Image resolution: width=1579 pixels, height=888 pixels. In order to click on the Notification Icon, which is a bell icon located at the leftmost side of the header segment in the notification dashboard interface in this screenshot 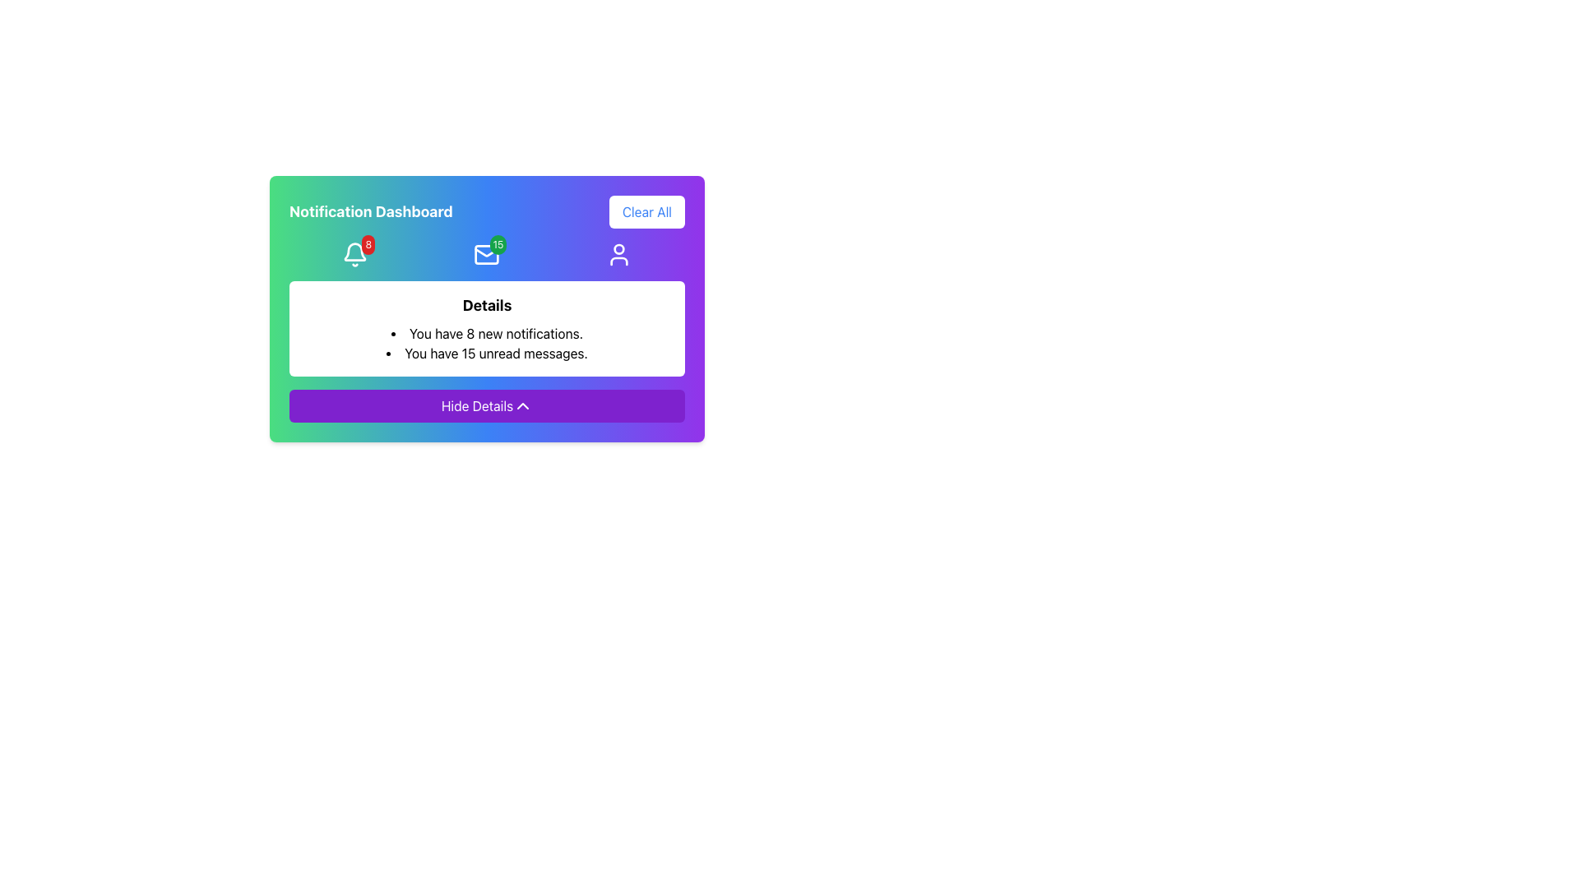, I will do `click(354, 254)`.